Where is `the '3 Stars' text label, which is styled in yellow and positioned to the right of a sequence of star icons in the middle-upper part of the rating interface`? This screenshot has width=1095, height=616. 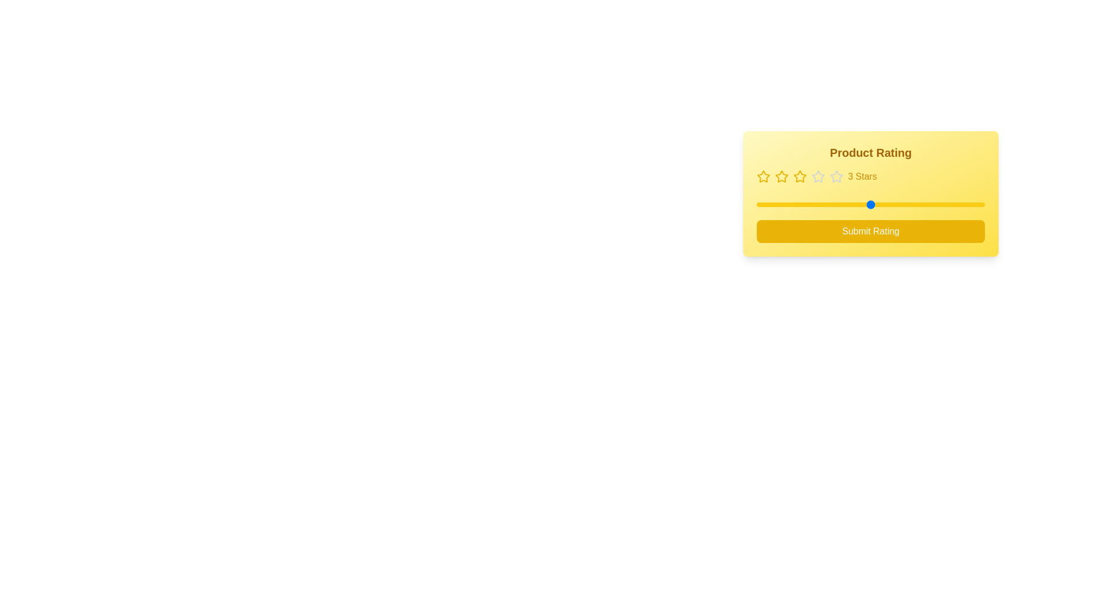 the '3 Stars' text label, which is styled in yellow and positioned to the right of a sequence of star icons in the middle-upper part of the rating interface is located at coordinates (862, 176).